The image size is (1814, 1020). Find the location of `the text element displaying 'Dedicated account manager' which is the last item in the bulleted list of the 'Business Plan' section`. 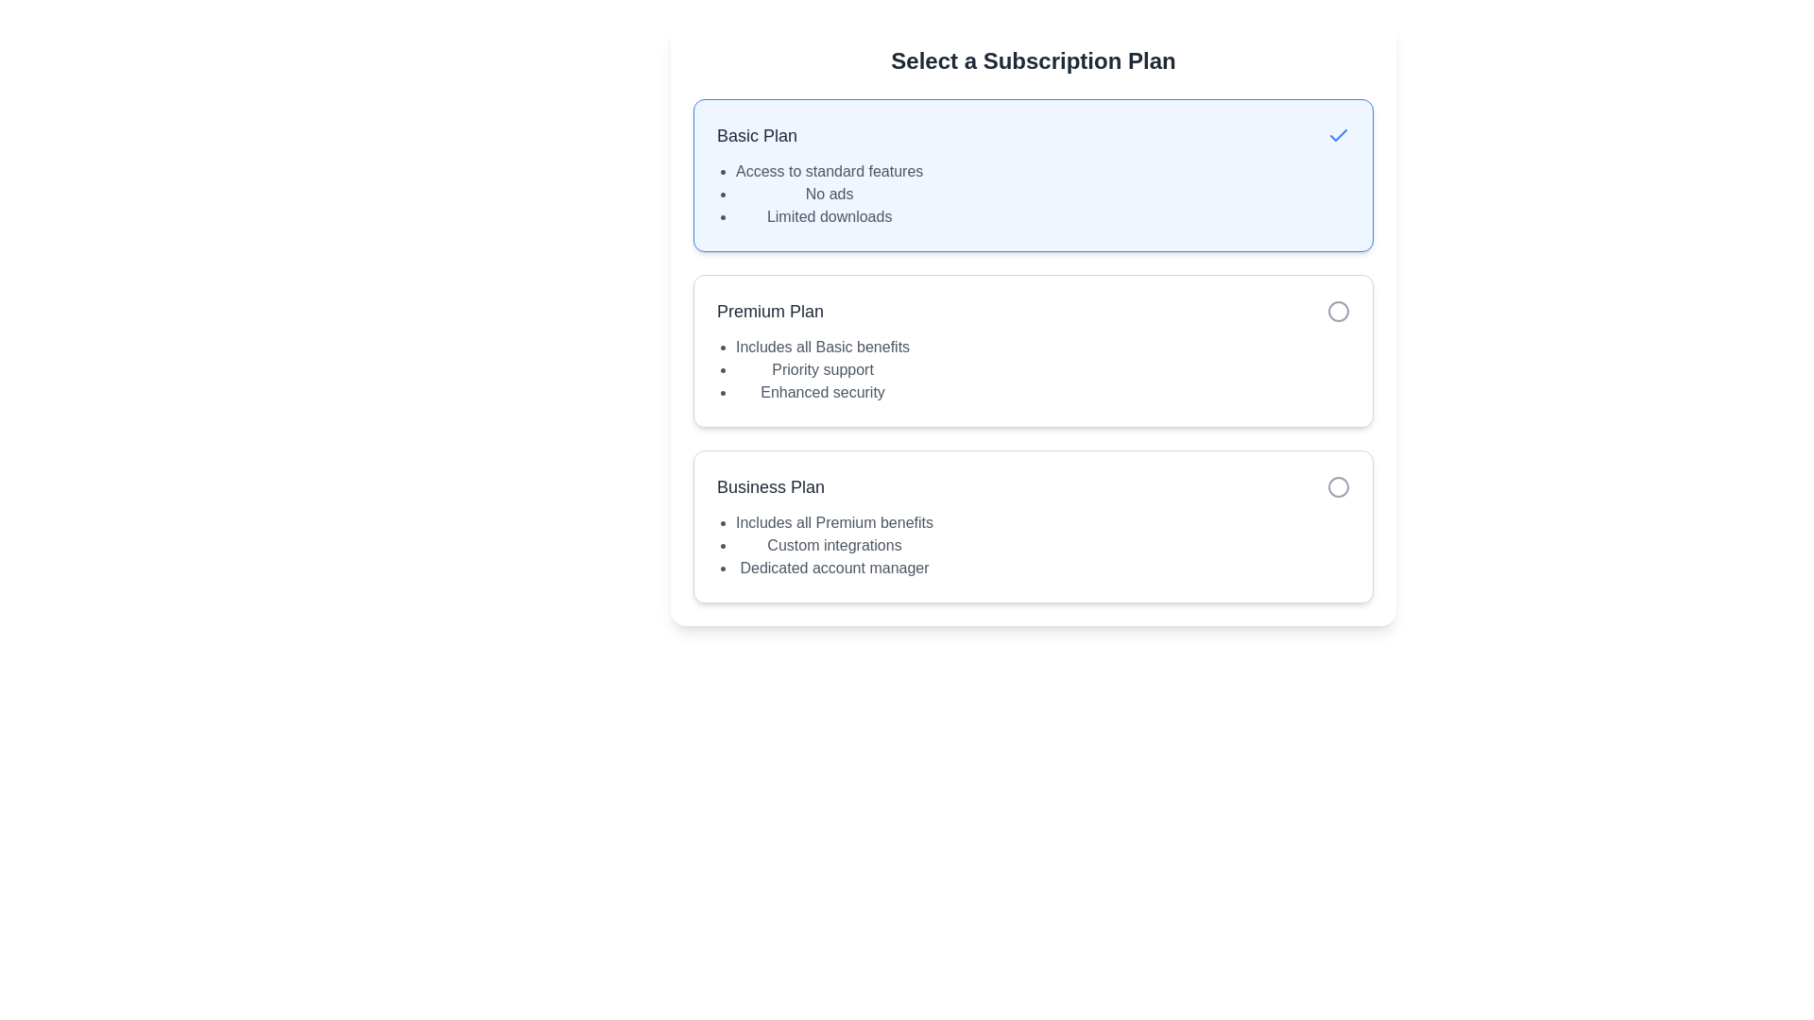

the text element displaying 'Dedicated account manager' which is the last item in the bulleted list of the 'Business Plan' section is located at coordinates (833, 567).